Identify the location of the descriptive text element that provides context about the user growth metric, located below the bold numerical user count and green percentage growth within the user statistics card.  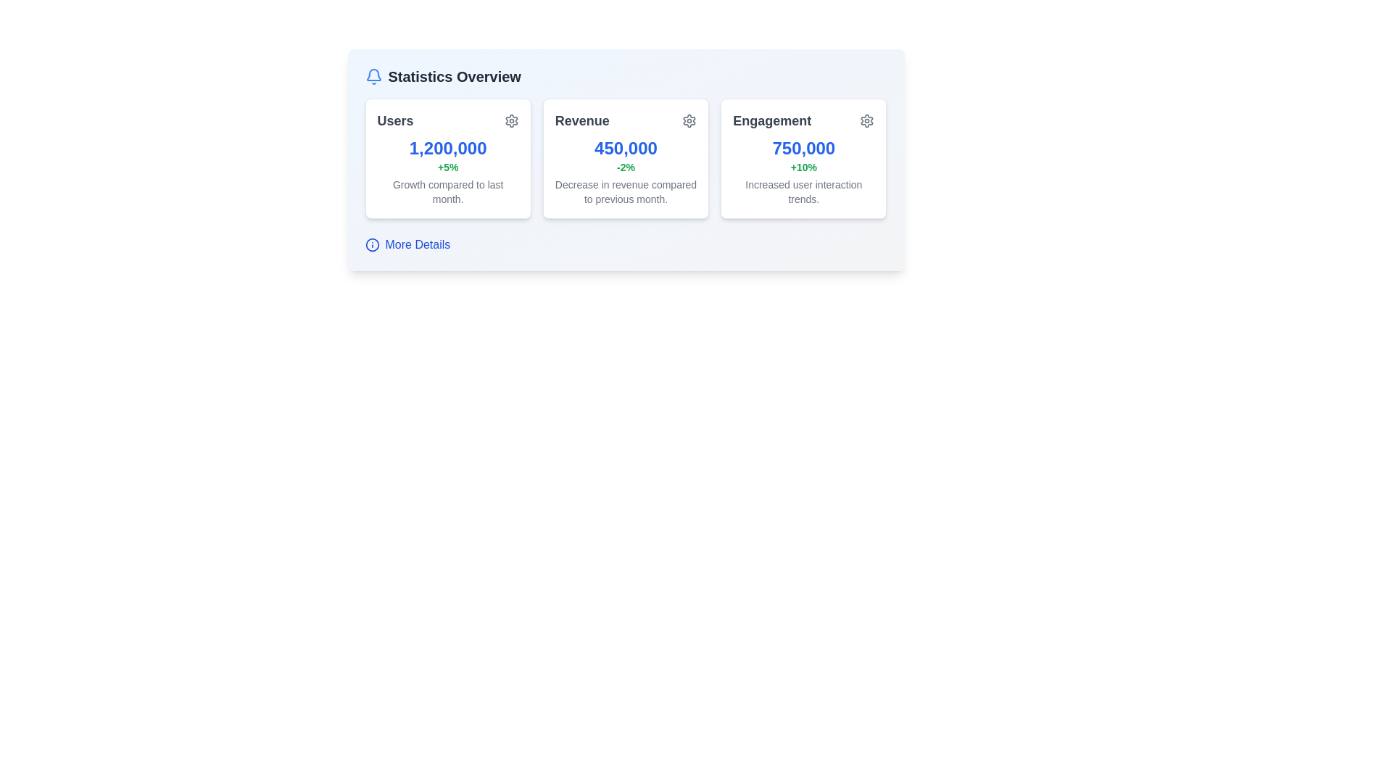
(447, 191).